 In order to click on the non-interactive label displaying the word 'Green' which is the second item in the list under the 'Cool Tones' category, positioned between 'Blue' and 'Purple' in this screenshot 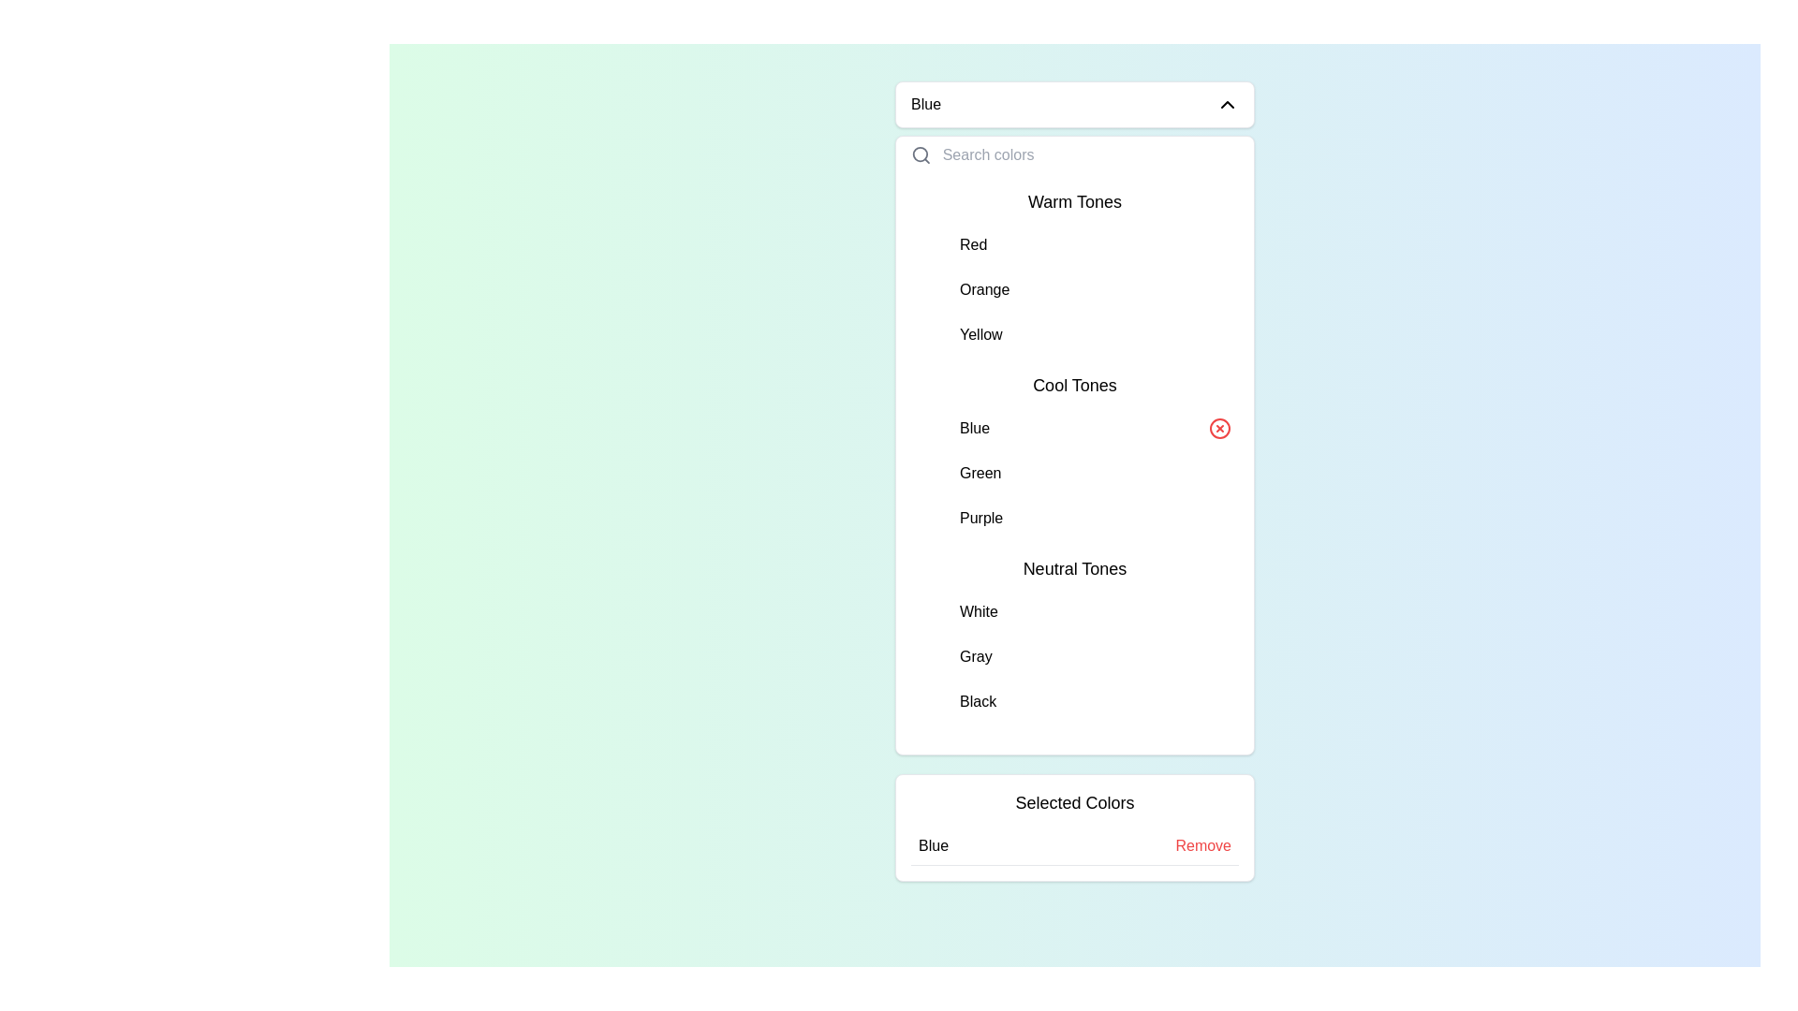, I will do `click(1074, 472)`.